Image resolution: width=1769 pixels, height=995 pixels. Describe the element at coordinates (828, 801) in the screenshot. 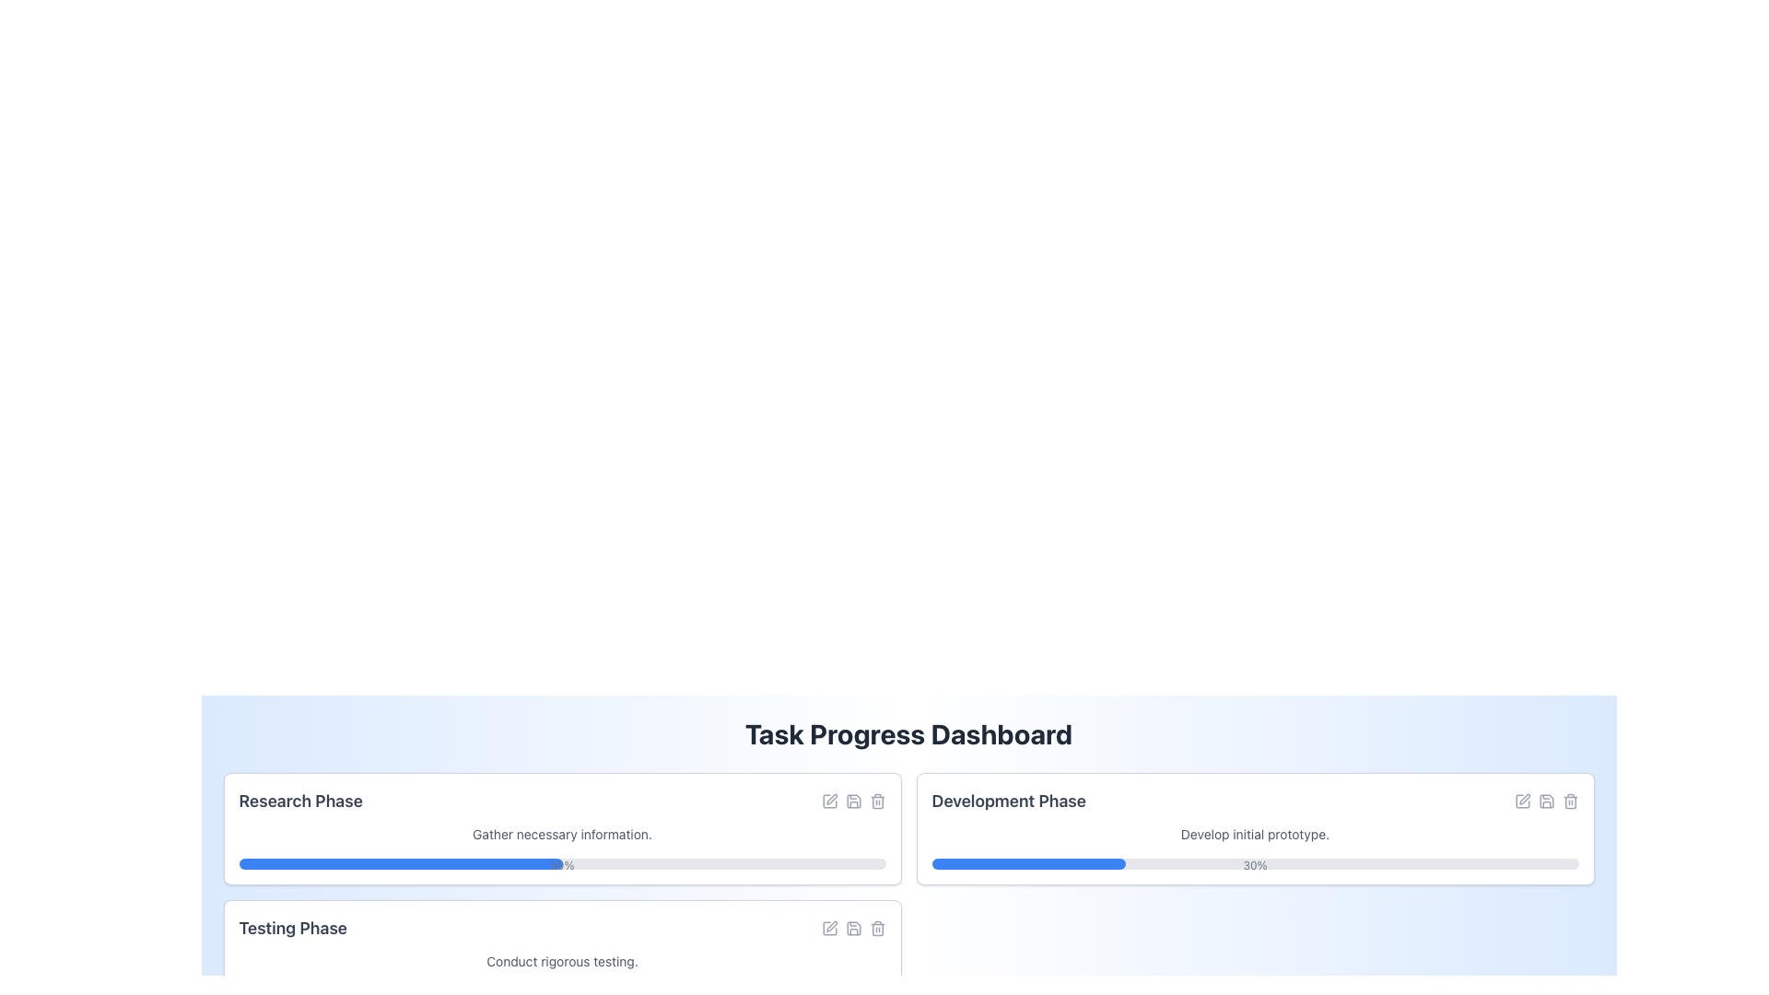

I see `the small square-shaped pen icon located in the upper-right corner of the 'Research Phase' card, which is the first icon in a group of interactive elements` at that location.